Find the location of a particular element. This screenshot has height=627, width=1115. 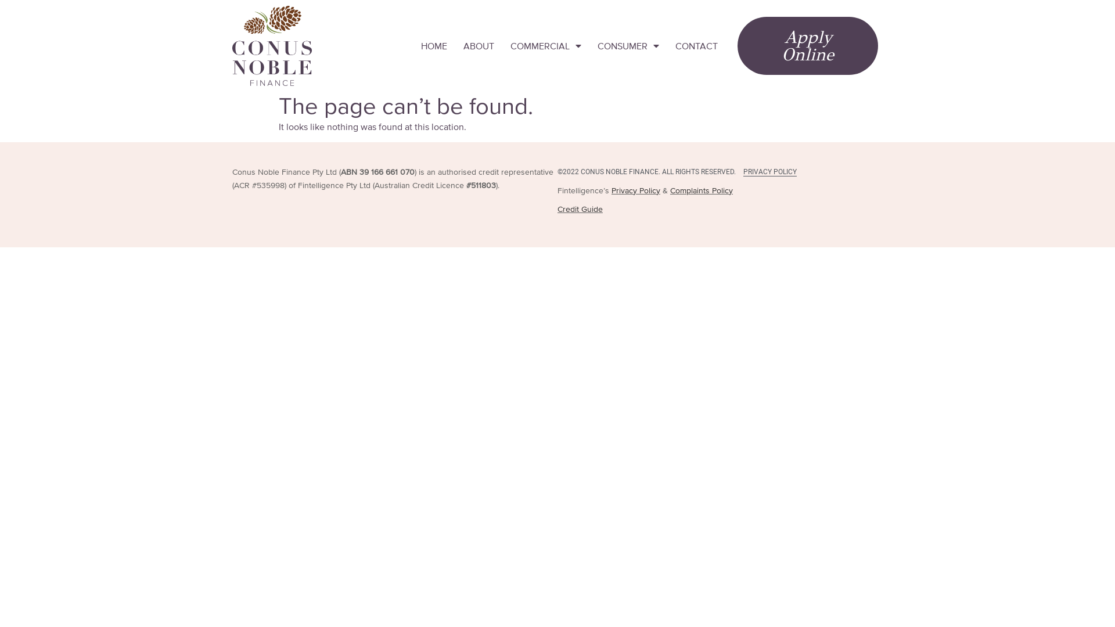

'Privacy Policy' is located at coordinates (635, 190).